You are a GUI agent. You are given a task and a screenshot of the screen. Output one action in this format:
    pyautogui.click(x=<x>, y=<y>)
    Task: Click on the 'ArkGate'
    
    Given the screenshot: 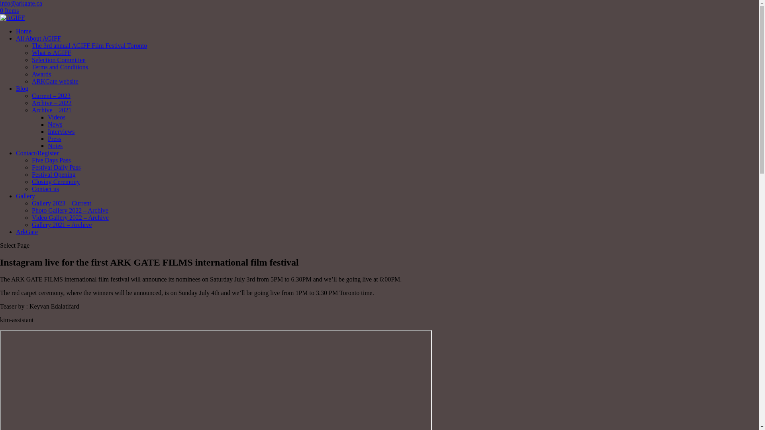 What is the action you would take?
    pyautogui.click(x=27, y=232)
    